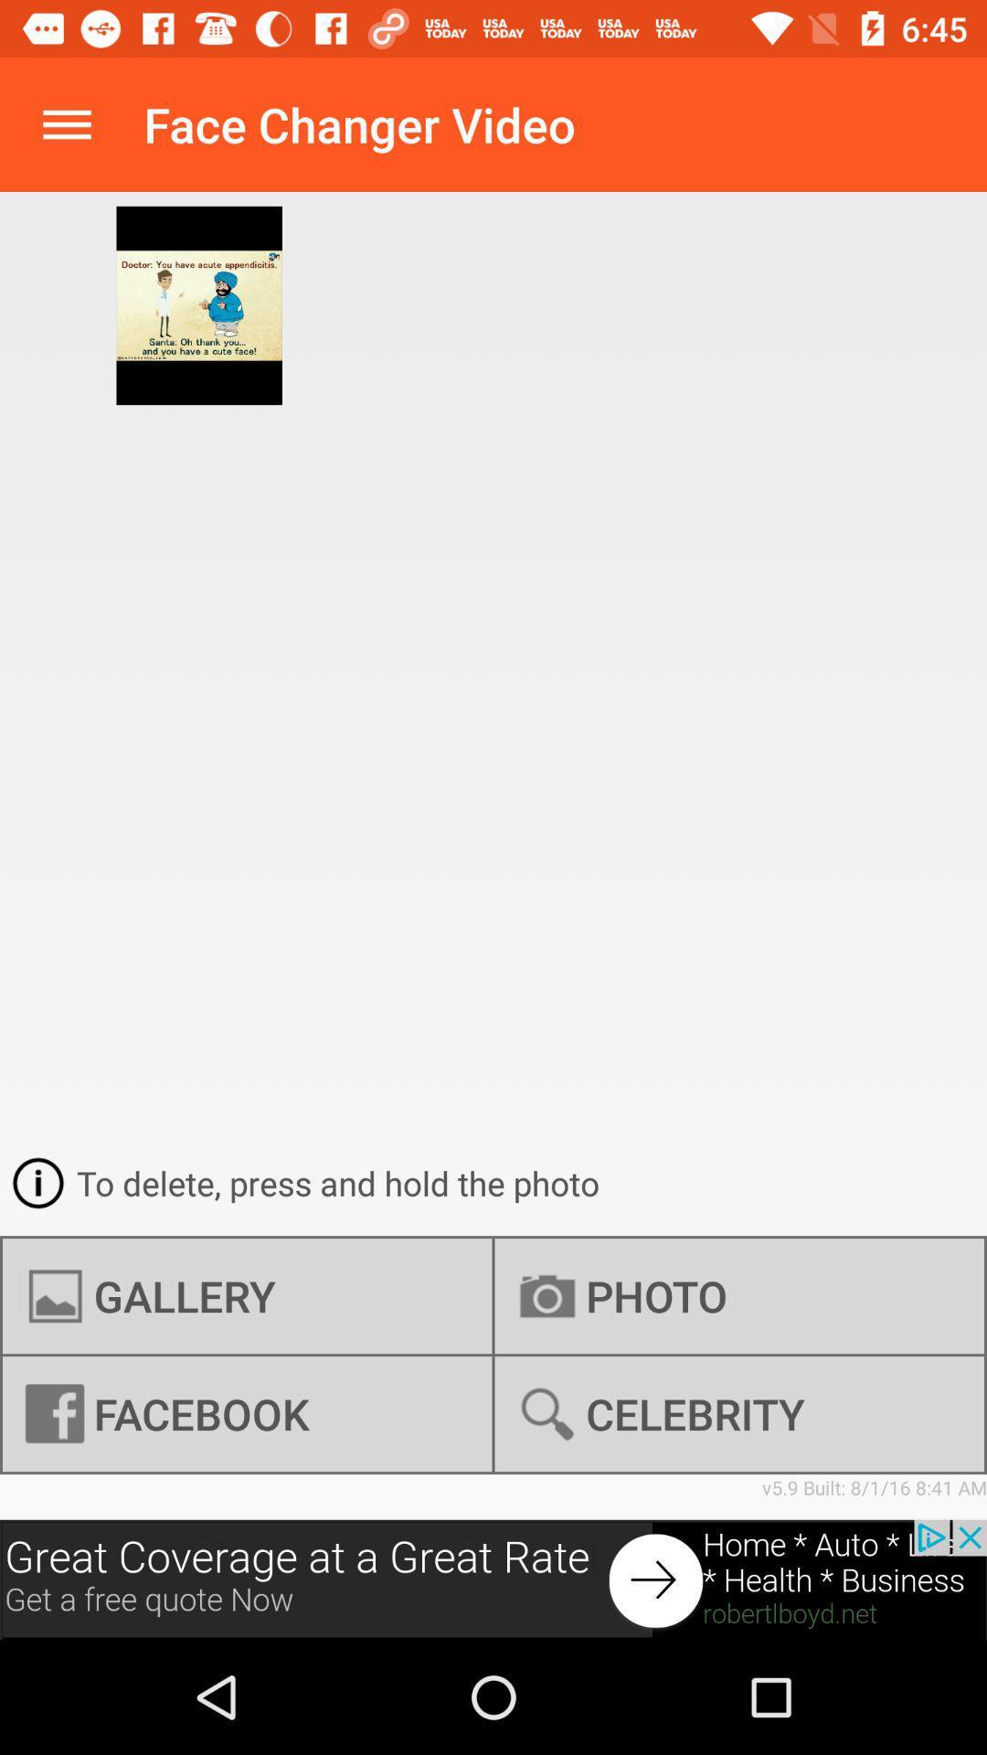  What do you see at coordinates (738, 1413) in the screenshot?
I see `celebrity icon` at bounding box center [738, 1413].